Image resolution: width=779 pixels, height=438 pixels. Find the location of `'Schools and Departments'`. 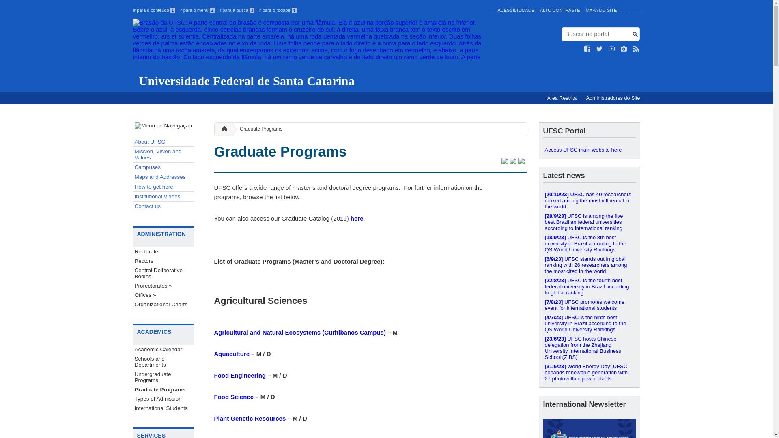

'Schools and Departments' is located at coordinates (163, 361).